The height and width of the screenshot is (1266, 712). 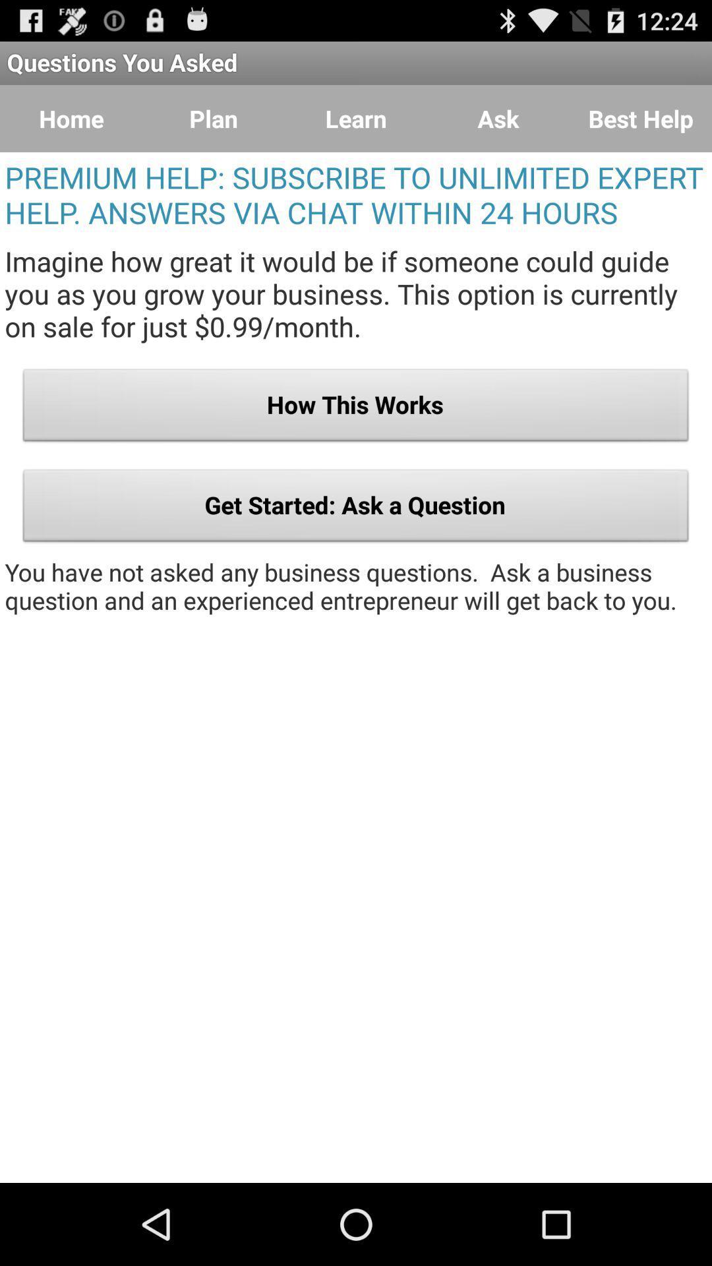 What do you see at coordinates (356, 508) in the screenshot?
I see `get started ask item` at bounding box center [356, 508].